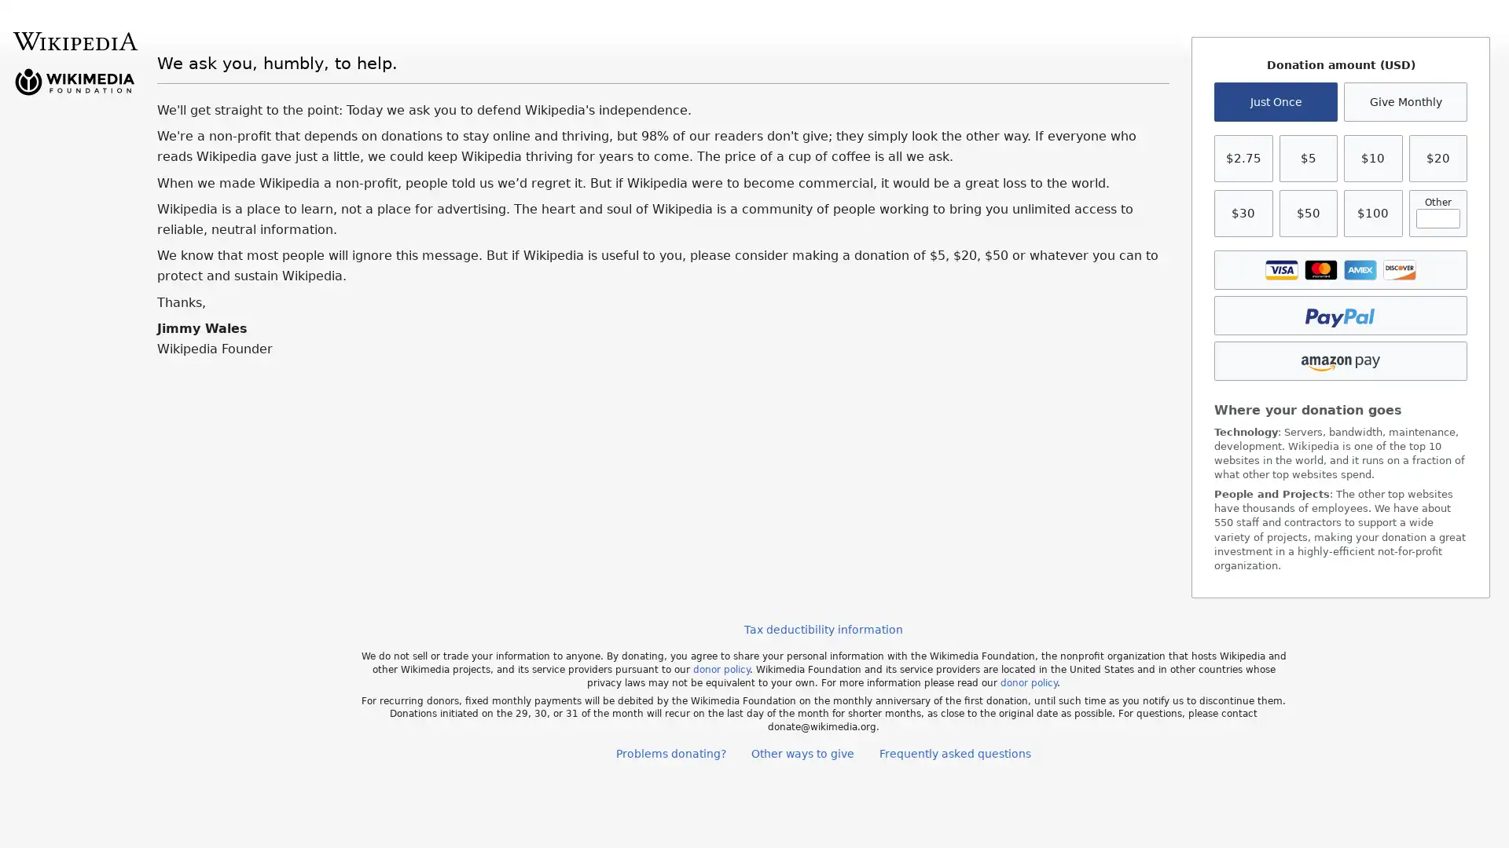 This screenshot has height=848, width=1509. What do you see at coordinates (1339, 315) in the screenshot?
I see `PayPal` at bounding box center [1339, 315].